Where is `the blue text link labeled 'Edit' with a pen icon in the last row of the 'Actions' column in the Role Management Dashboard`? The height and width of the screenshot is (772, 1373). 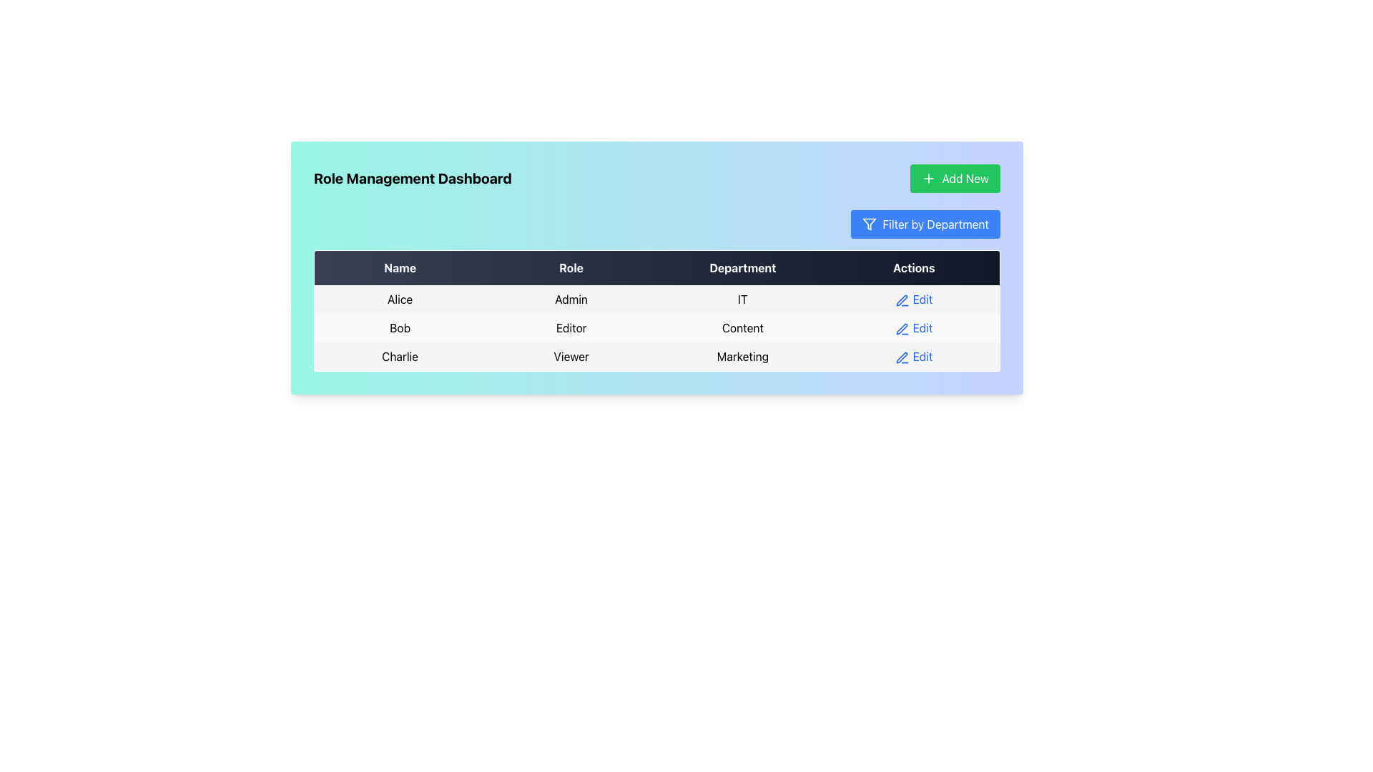 the blue text link labeled 'Edit' with a pen icon in the last row of the 'Actions' column in the Role Management Dashboard is located at coordinates (913, 356).